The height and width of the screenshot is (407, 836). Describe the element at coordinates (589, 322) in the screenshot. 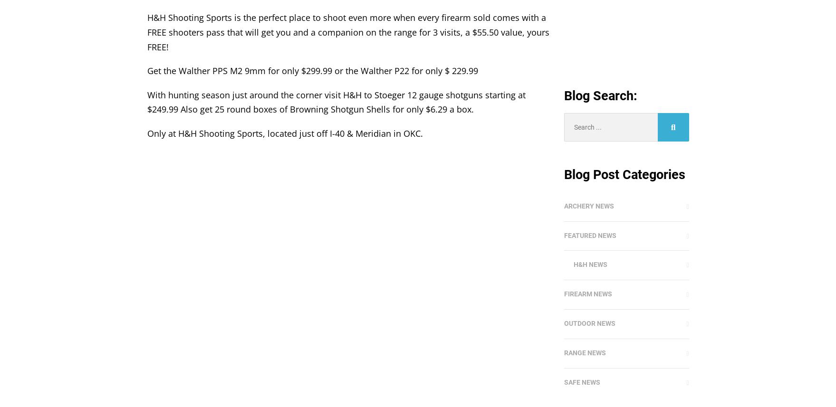

I see `'Outdoor News'` at that location.